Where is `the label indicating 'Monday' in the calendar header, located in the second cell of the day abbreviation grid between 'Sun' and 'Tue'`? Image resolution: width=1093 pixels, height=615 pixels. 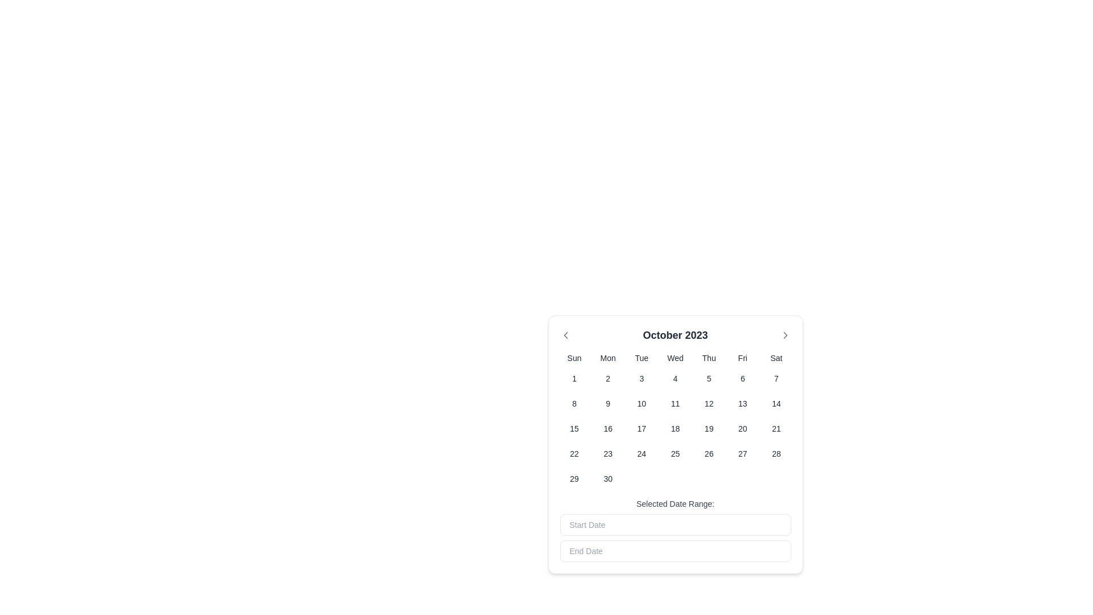
the label indicating 'Monday' in the calendar header, located in the second cell of the day abbreviation grid between 'Sun' and 'Tue' is located at coordinates (607, 357).